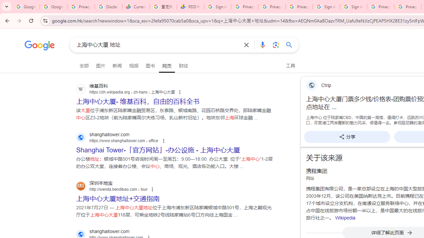 The width and height of the screenshot is (424, 238). What do you see at coordinates (344, 218) in the screenshot?
I see `'Wikipedia'` at bounding box center [344, 218].